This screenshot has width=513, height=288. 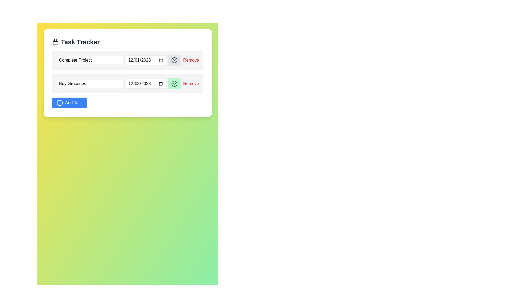 I want to click on the confirmation button located to the right of the 'Buy Groceries' input field and the date picker showing '2023-12-03' to check the associated task, so click(x=174, y=83).